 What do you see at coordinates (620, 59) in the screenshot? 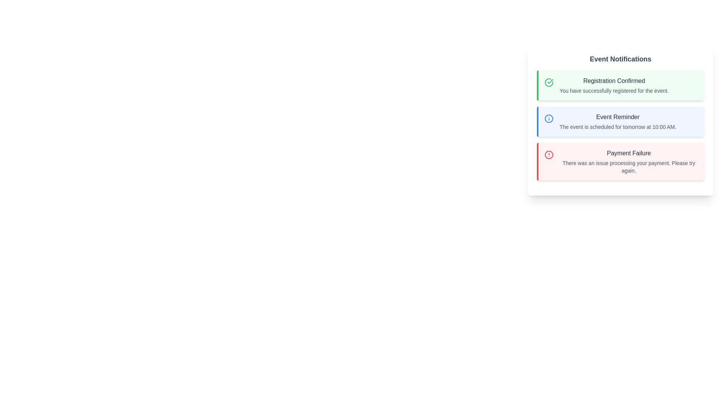
I see `the 'Event Notifications' text label, which is prominently styled and serves as the header for the notifications area` at bounding box center [620, 59].